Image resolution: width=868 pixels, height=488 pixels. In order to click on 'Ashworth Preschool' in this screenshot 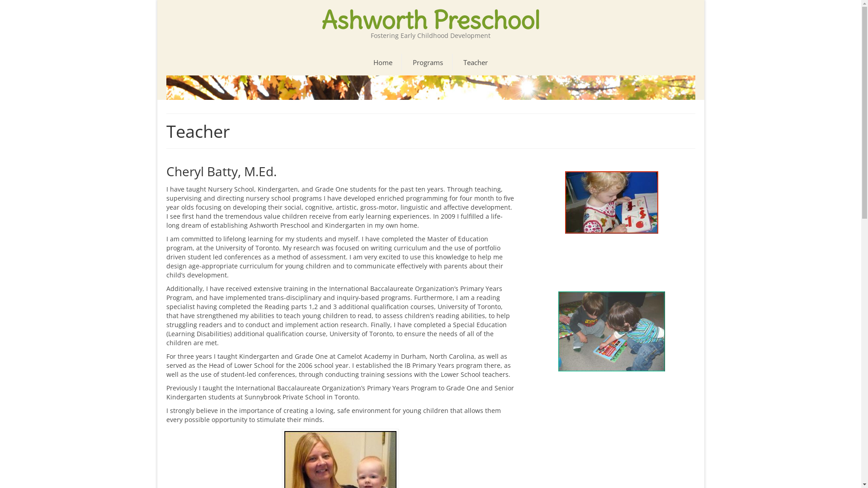, I will do `click(430, 20)`.